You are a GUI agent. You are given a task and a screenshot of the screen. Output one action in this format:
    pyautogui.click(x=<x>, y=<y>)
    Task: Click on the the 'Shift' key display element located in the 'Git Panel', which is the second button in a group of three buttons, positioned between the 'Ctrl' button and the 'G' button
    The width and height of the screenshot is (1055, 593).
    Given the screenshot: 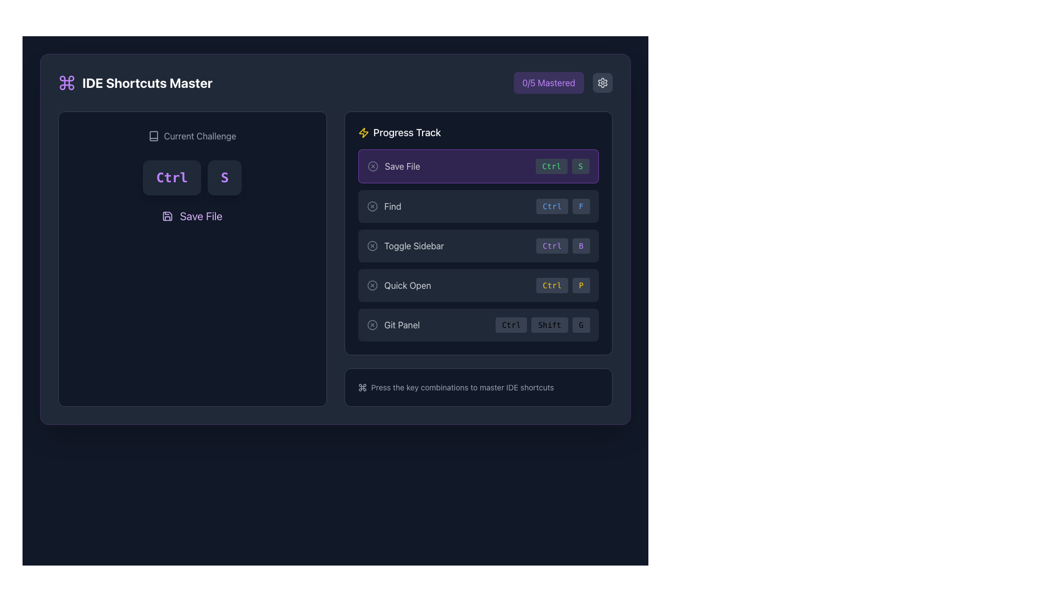 What is the action you would take?
    pyautogui.click(x=549, y=324)
    